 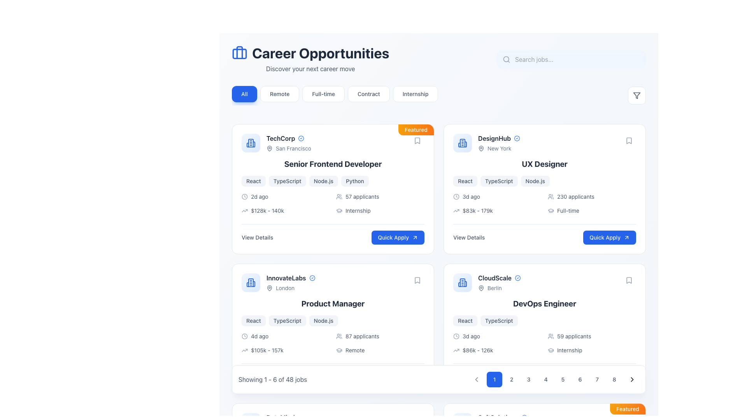 I want to click on the 'InnovateLabs' label with a blue checkmark icon, which is located beneath the job title 'Product Manager' and to the left of the location 'London' in the second job card, so click(x=290, y=277).